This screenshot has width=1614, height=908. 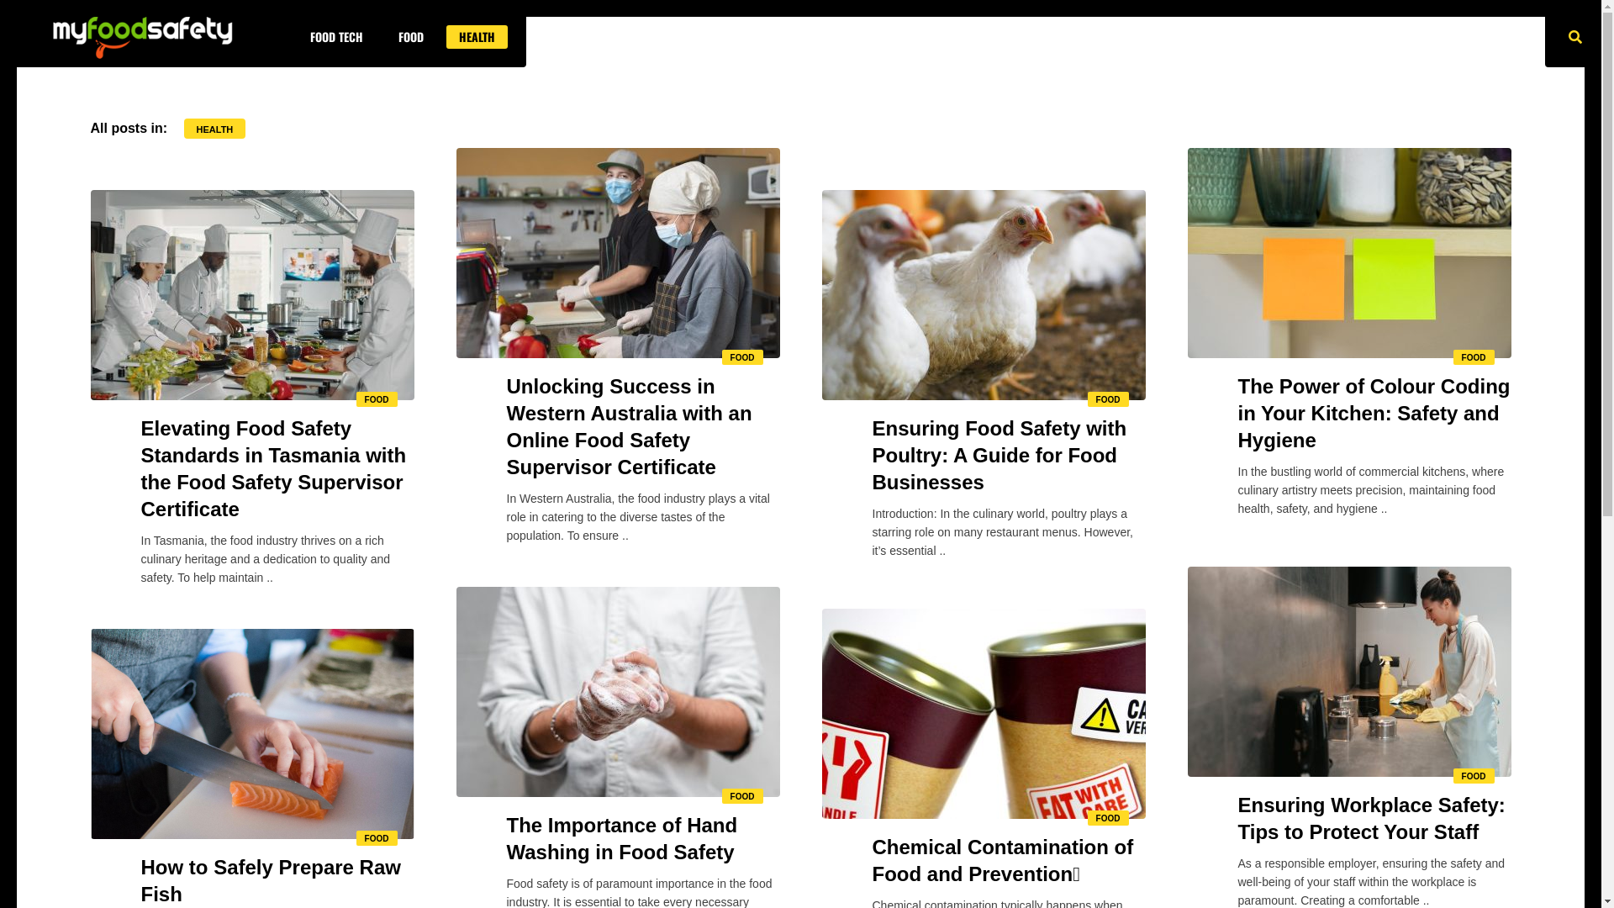 I want to click on 'FOOD TECH', so click(x=336, y=36).